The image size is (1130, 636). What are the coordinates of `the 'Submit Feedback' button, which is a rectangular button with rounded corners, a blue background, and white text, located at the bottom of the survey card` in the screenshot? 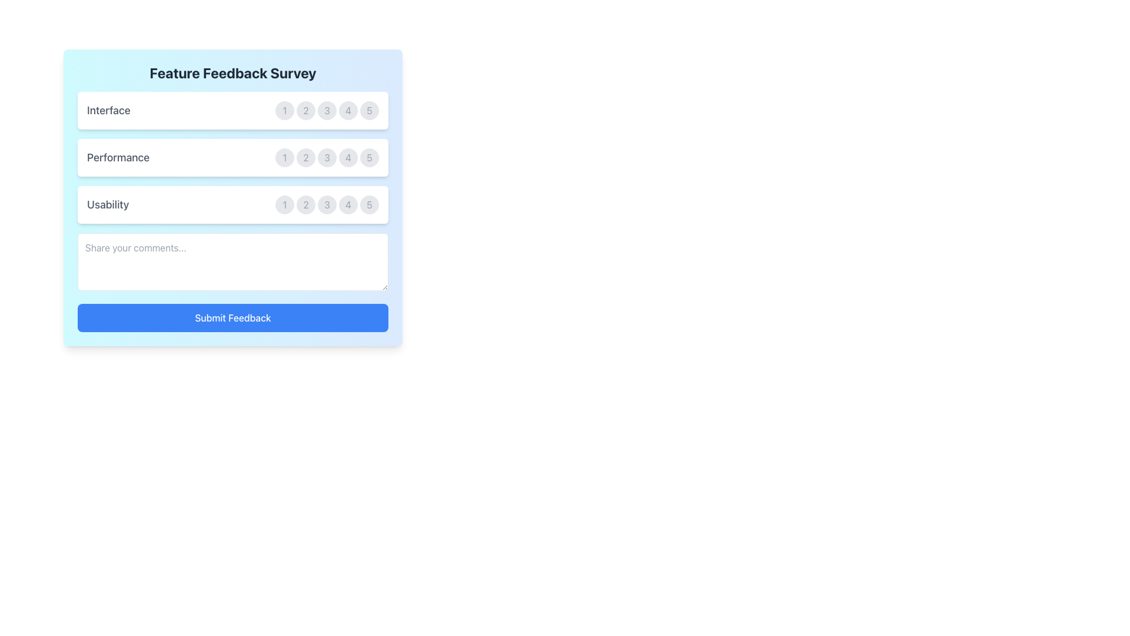 It's located at (232, 318).